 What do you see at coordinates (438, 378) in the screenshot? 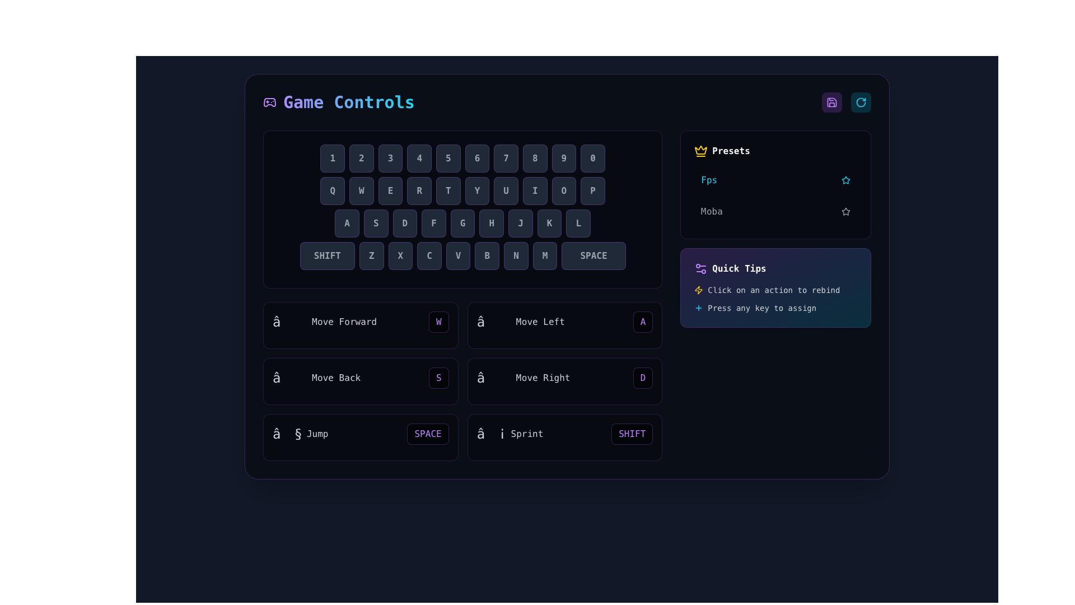
I see `the button displaying 'S' for the 'Move Back' action, located in the bottom section of the interface with a semi-transparent black background and purple border` at bounding box center [438, 378].